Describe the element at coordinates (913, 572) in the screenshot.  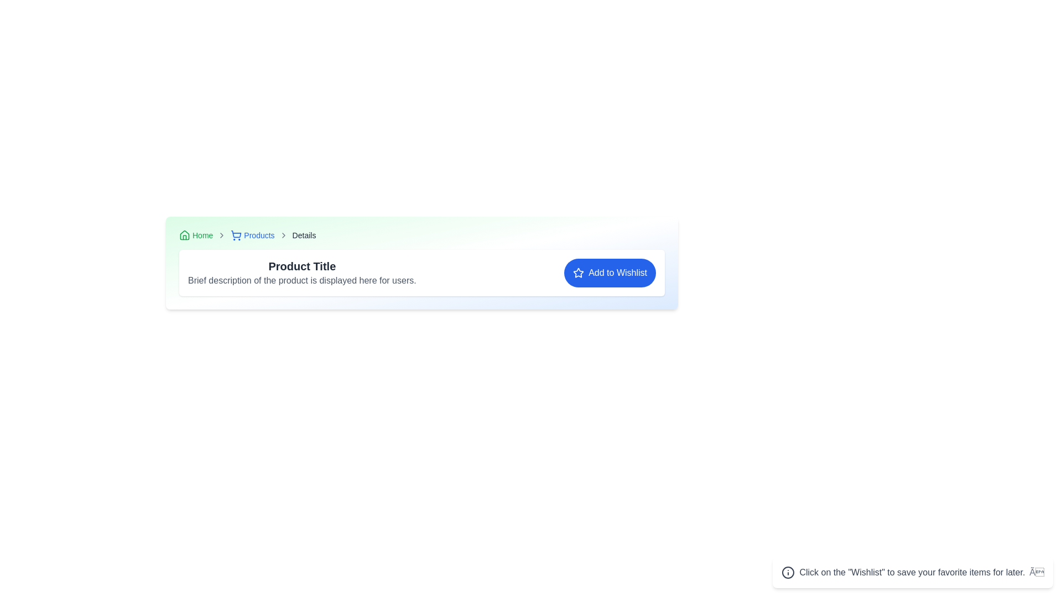
I see `the informational tooltip or notification located at the bottom right of the UI, which features a white background, rounded corners, and an information icon` at that location.